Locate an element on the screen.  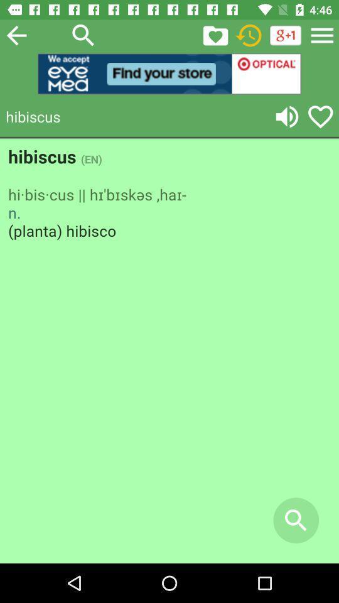
open search bar is located at coordinates (83, 35).